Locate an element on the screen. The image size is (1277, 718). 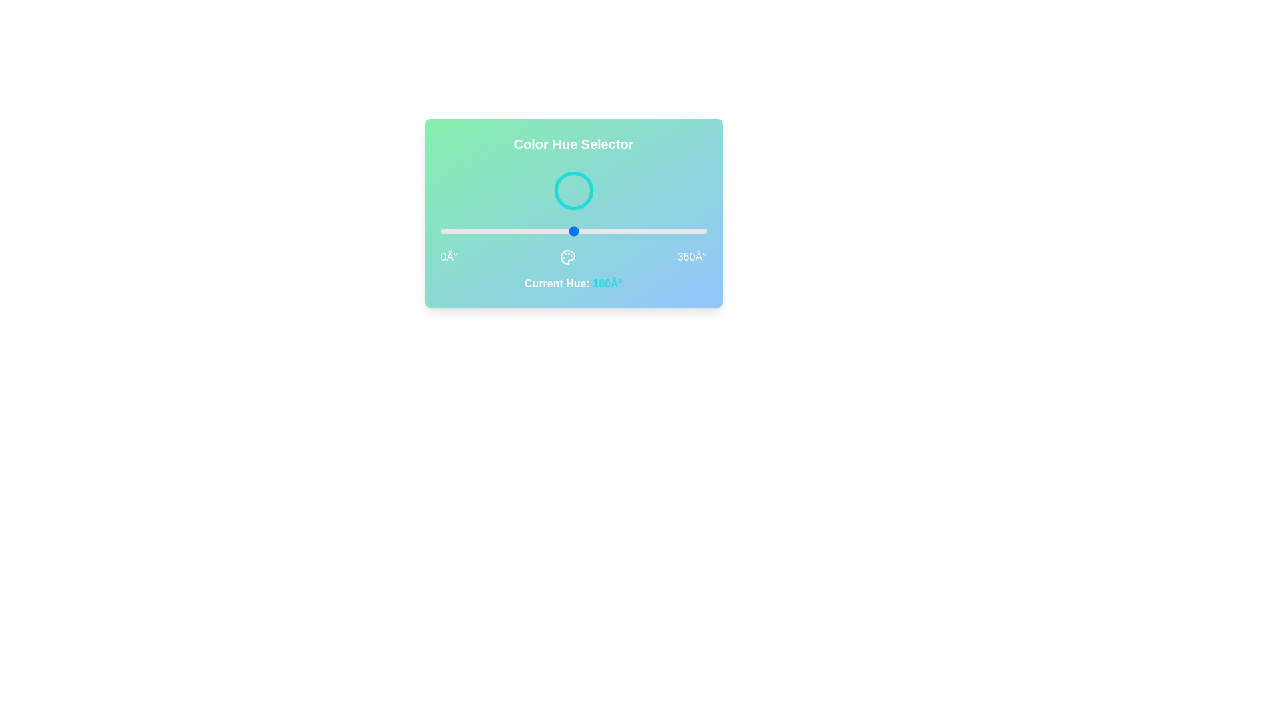
the slider to set the hue to 261 degrees, causing the circle's color to change accordingly is located at coordinates (633, 230).